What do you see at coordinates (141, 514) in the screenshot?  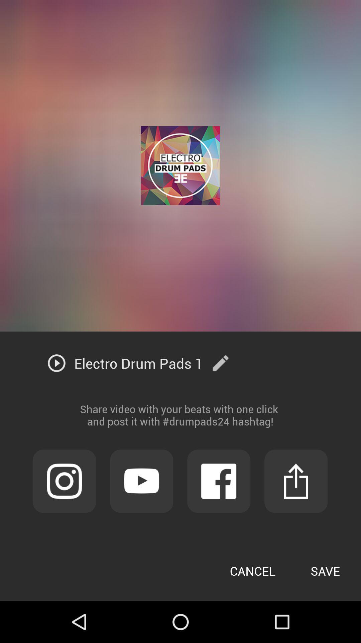 I see `the play icon` at bounding box center [141, 514].